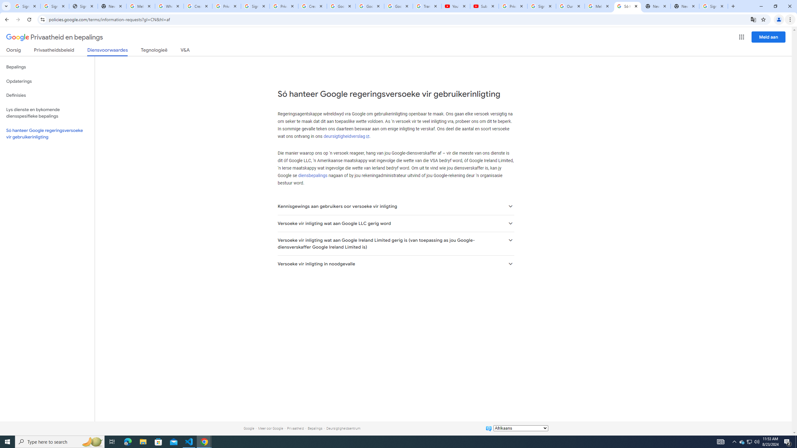 The image size is (797, 448). What do you see at coordinates (83, 6) in the screenshot?
I see `'Sign In - USA TODAY'` at bounding box center [83, 6].